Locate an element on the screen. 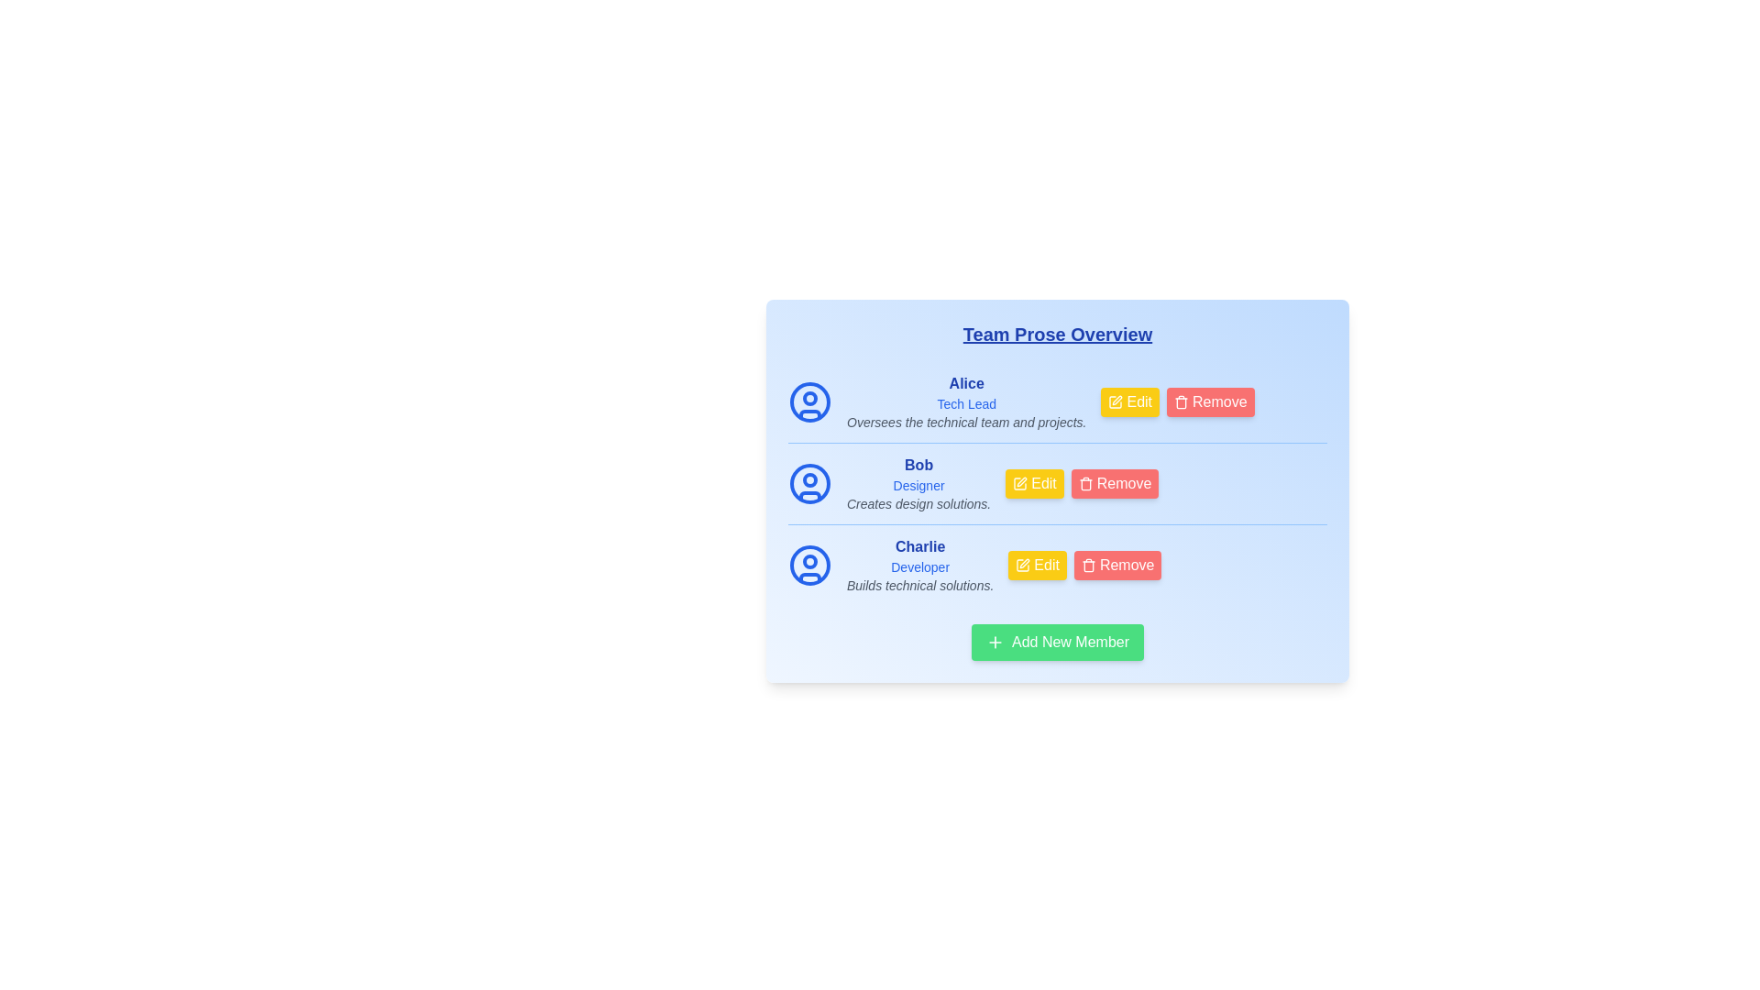  the decorative icon resembling a pen within the 'Edit' button next to 'Alice's' user listing is located at coordinates (1115, 401).